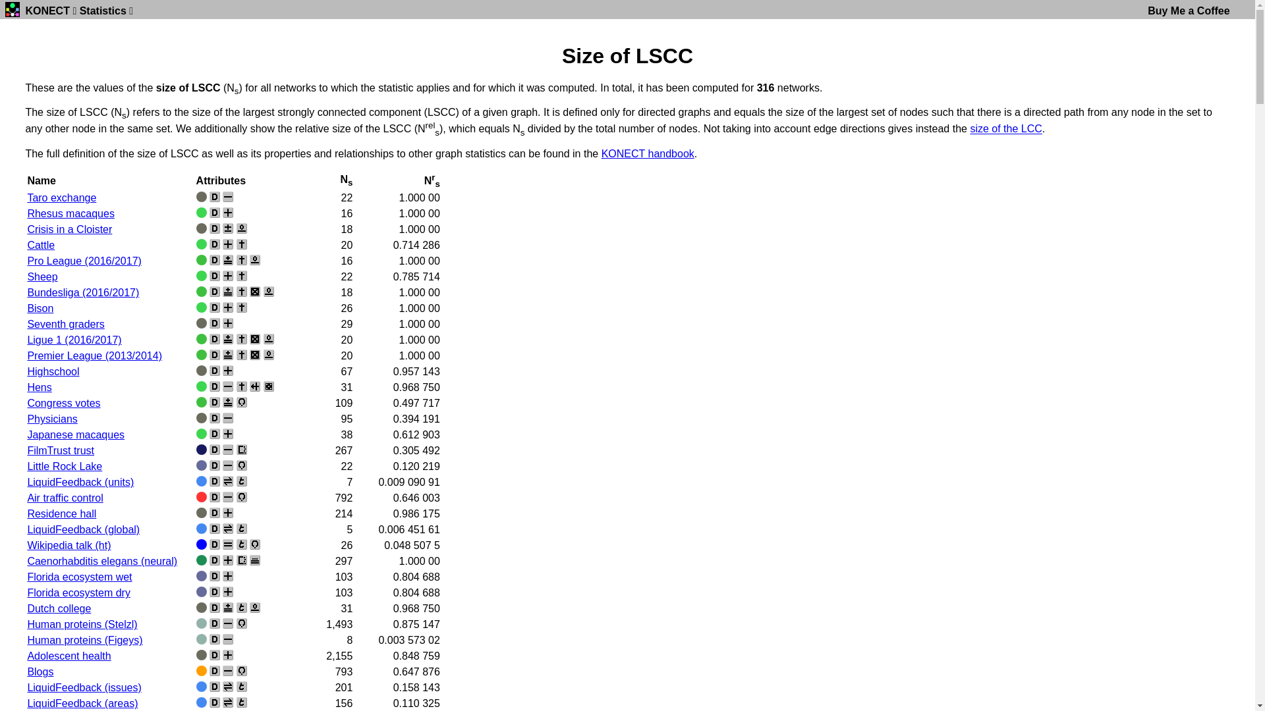  I want to click on 'Human social network', so click(201, 512).